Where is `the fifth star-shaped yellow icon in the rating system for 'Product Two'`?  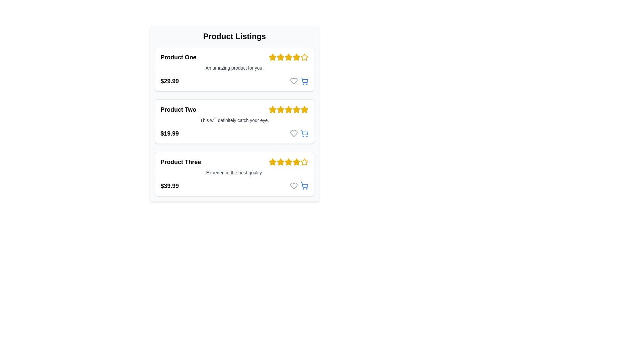
the fifth star-shaped yellow icon in the rating system for 'Product Two' is located at coordinates (304, 109).